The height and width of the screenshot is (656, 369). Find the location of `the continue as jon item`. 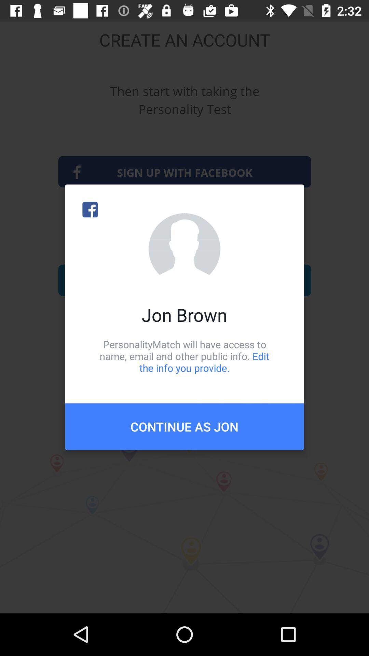

the continue as jon item is located at coordinates (184, 426).